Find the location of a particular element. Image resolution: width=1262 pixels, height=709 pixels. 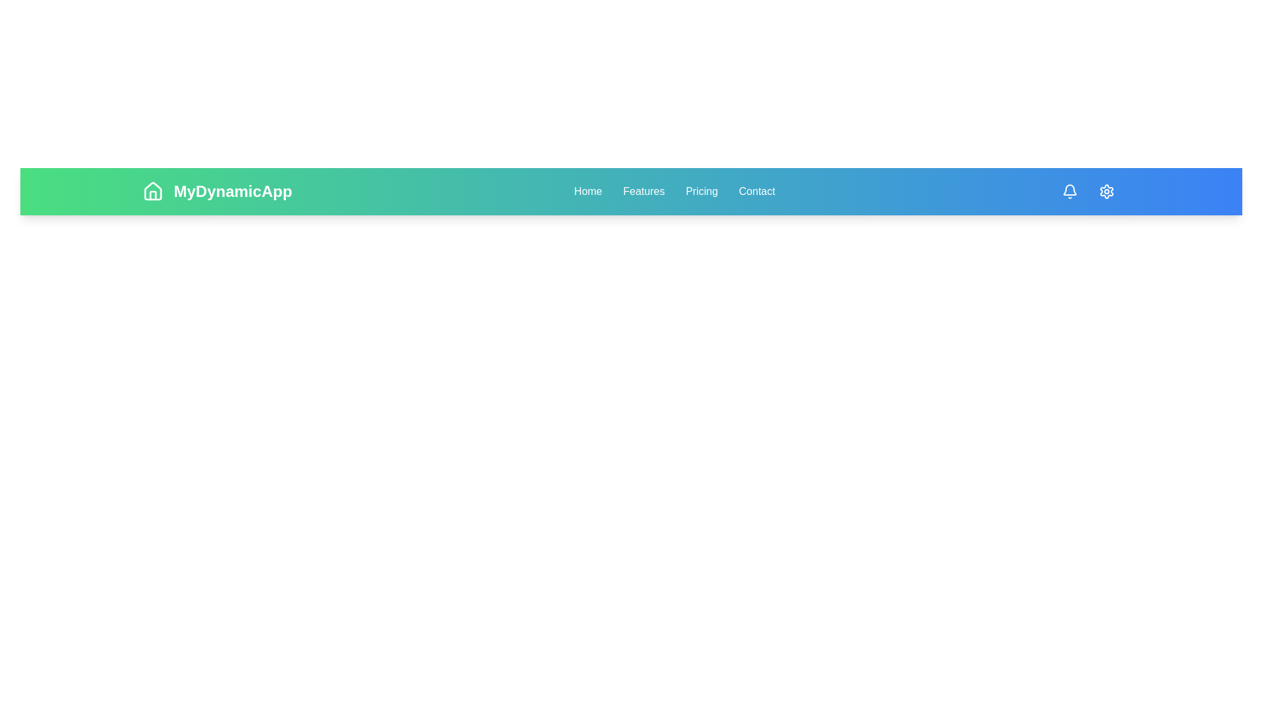

the Pricing navigation link to navigate to the respective section is located at coordinates (701, 192).